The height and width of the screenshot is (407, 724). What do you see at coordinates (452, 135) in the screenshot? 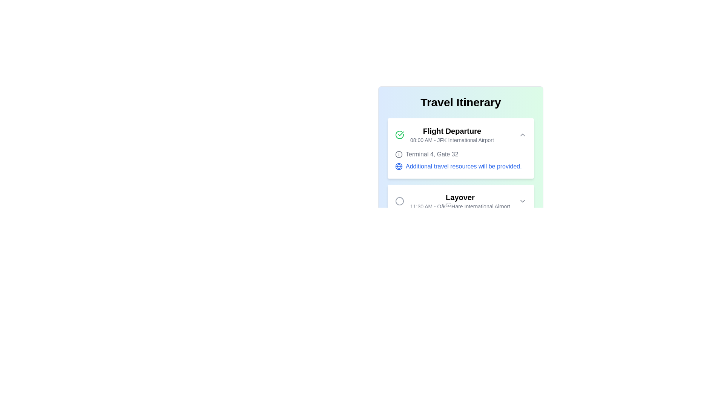
I see `displayed information from the Header with subtitle that summarizes flight departure details, including the departure time and location` at bounding box center [452, 135].